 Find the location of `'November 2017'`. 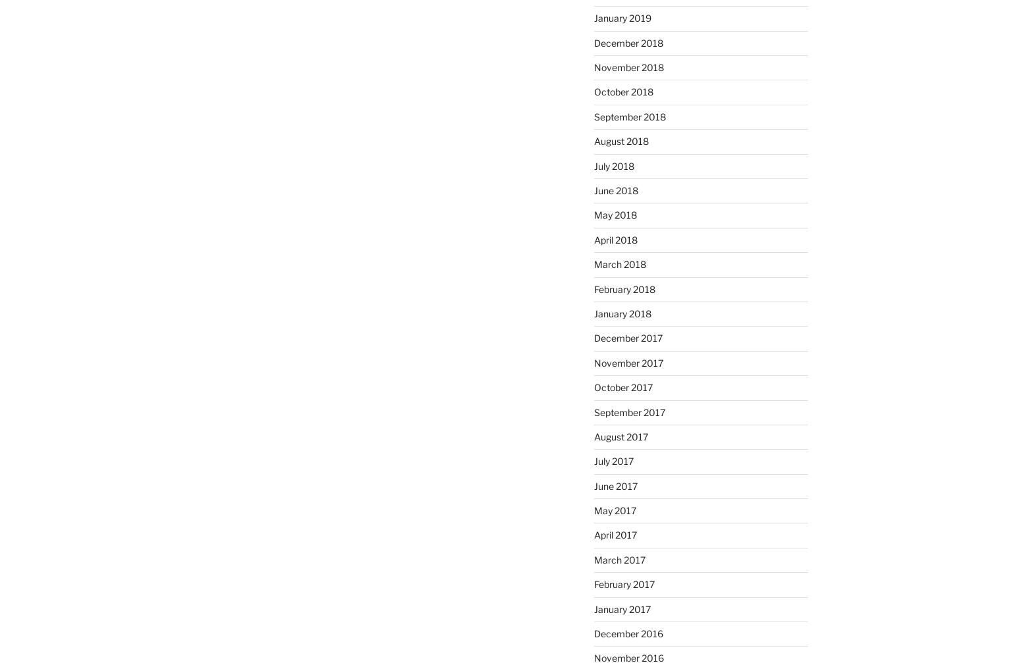

'November 2017' is located at coordinates (627, 361).